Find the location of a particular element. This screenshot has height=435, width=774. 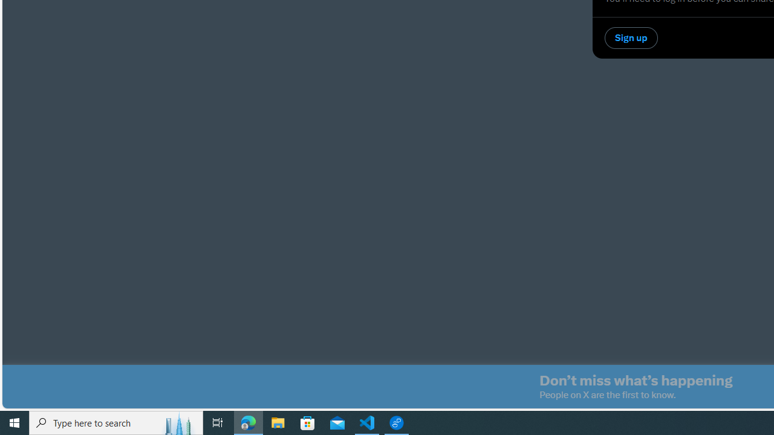

'Edge Feedback - 1 running window' is located at coordinates (397, 422).